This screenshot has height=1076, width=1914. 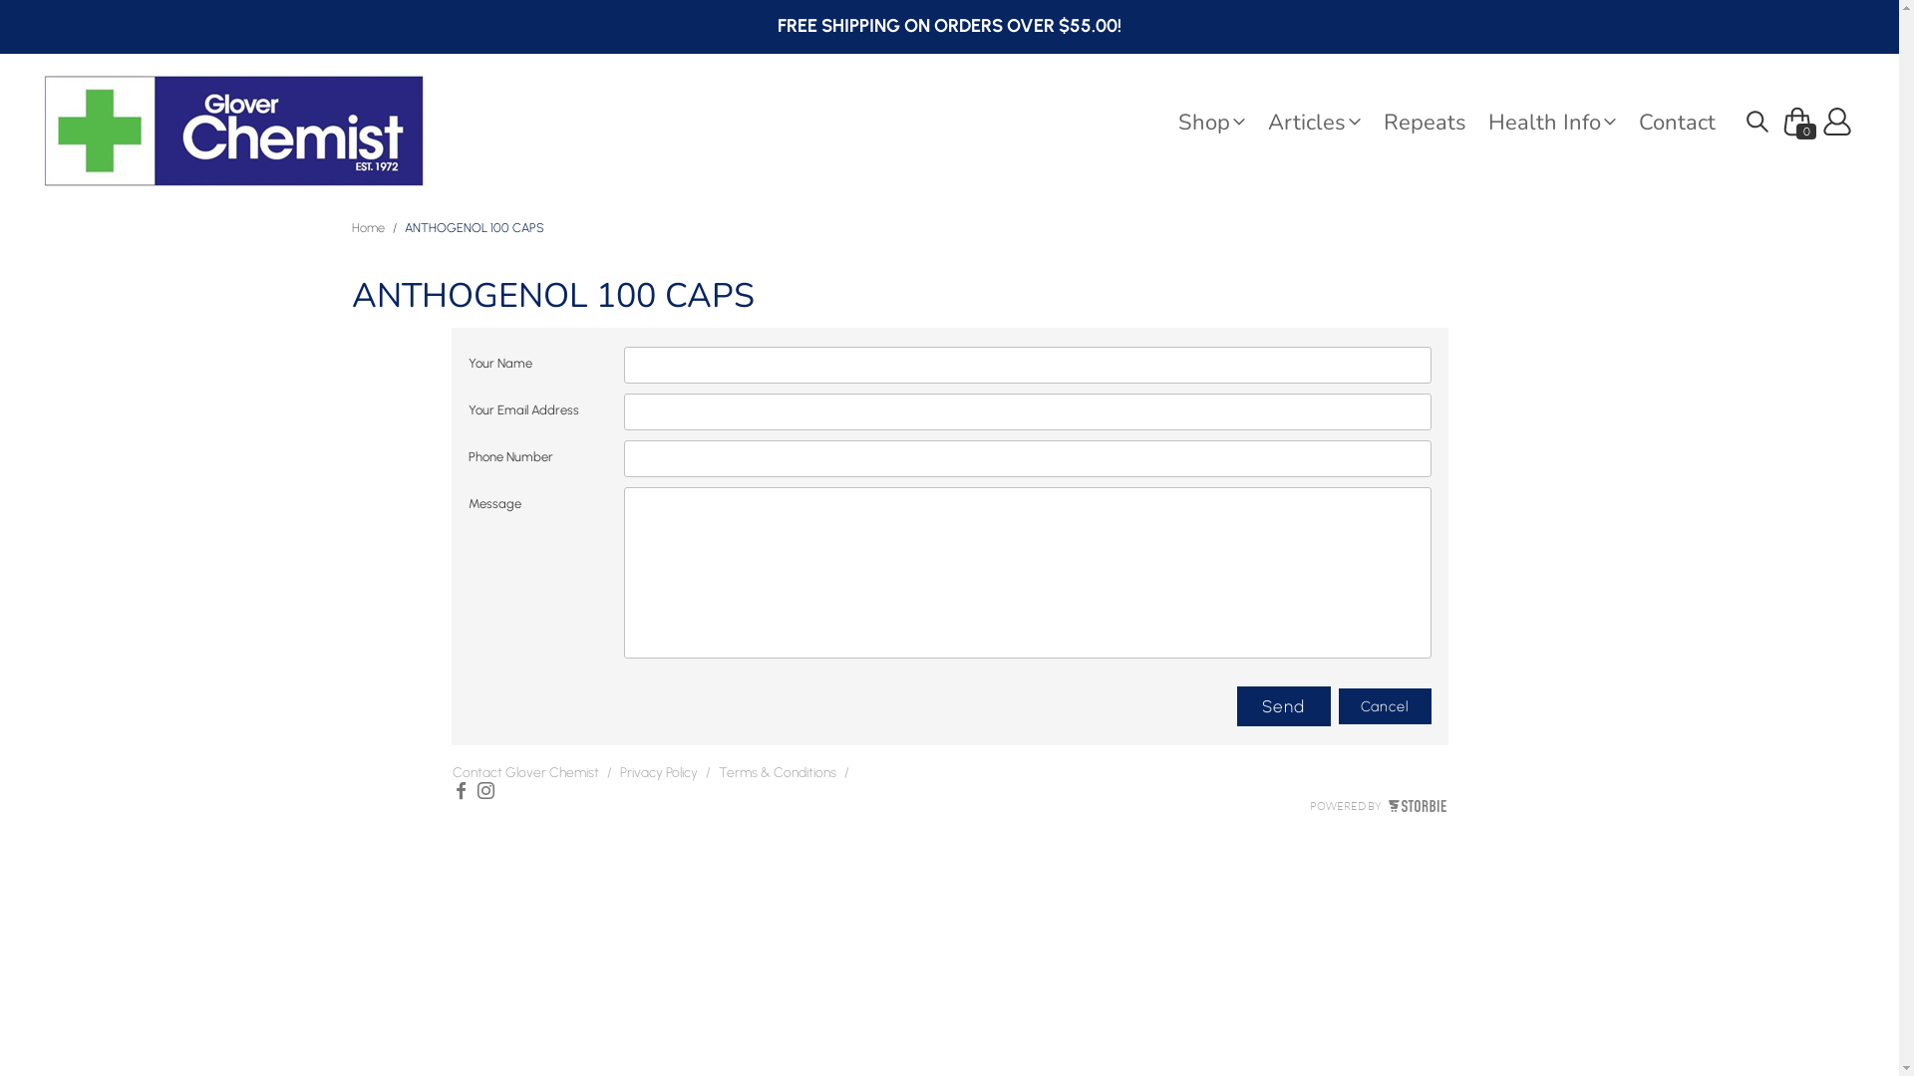 I want to click on 'POWERED BY', so click(x=1377, y=805).